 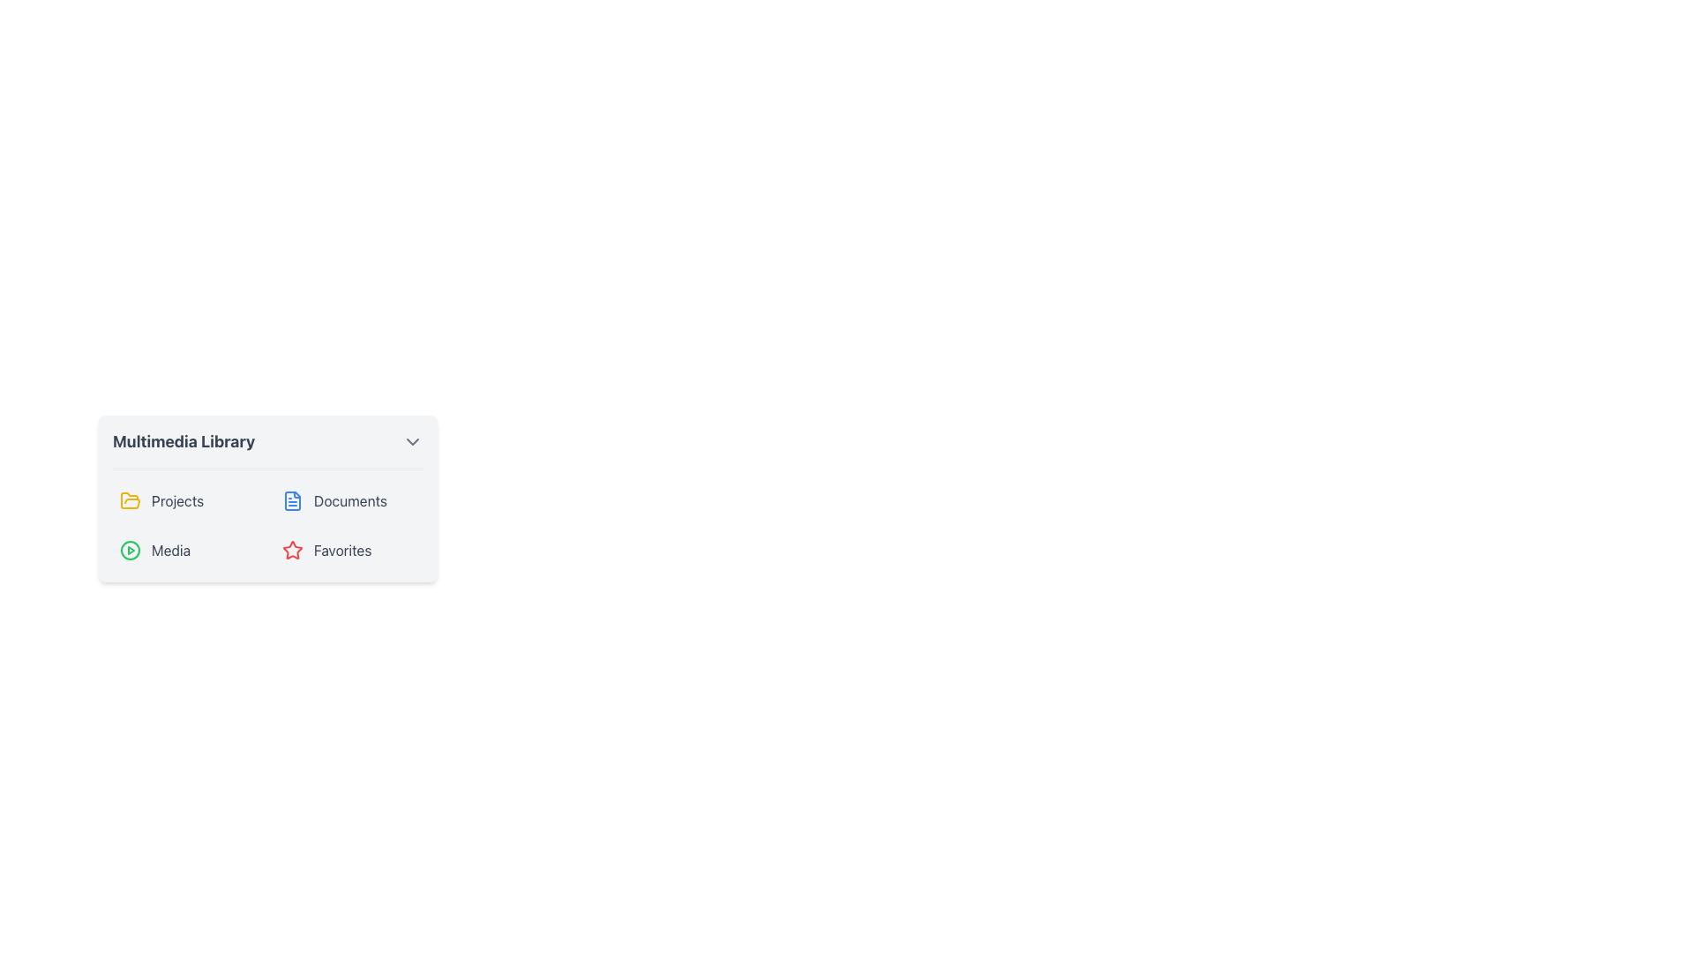 What do you see at coordinates (411, 441) in the screenshot?
I see `the toggle button located in the header titled 'Multimedia Library'` at bounding box center [411, 441].